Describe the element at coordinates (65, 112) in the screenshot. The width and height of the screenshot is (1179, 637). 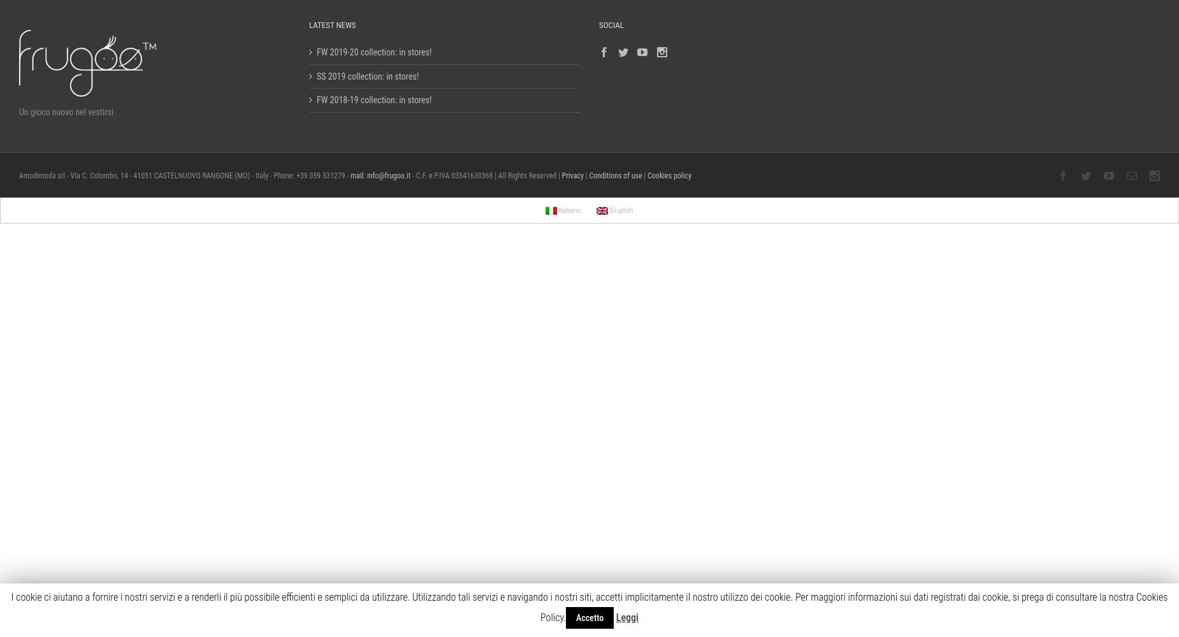
I see `'Un gioco nuovo nel vestirsi'` at that location.